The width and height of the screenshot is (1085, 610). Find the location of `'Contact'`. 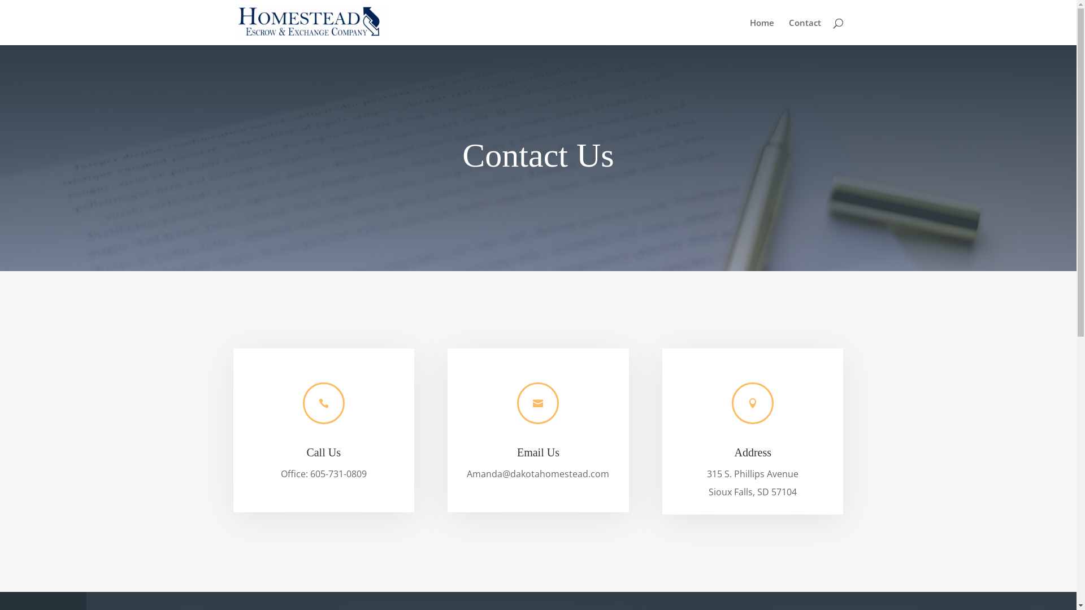

'Contact' is located at coordinates (788, 31).